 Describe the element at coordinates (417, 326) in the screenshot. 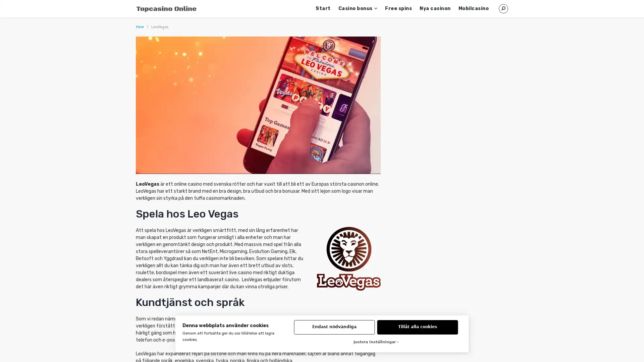

I see `Tillat alla cookies` at that location.